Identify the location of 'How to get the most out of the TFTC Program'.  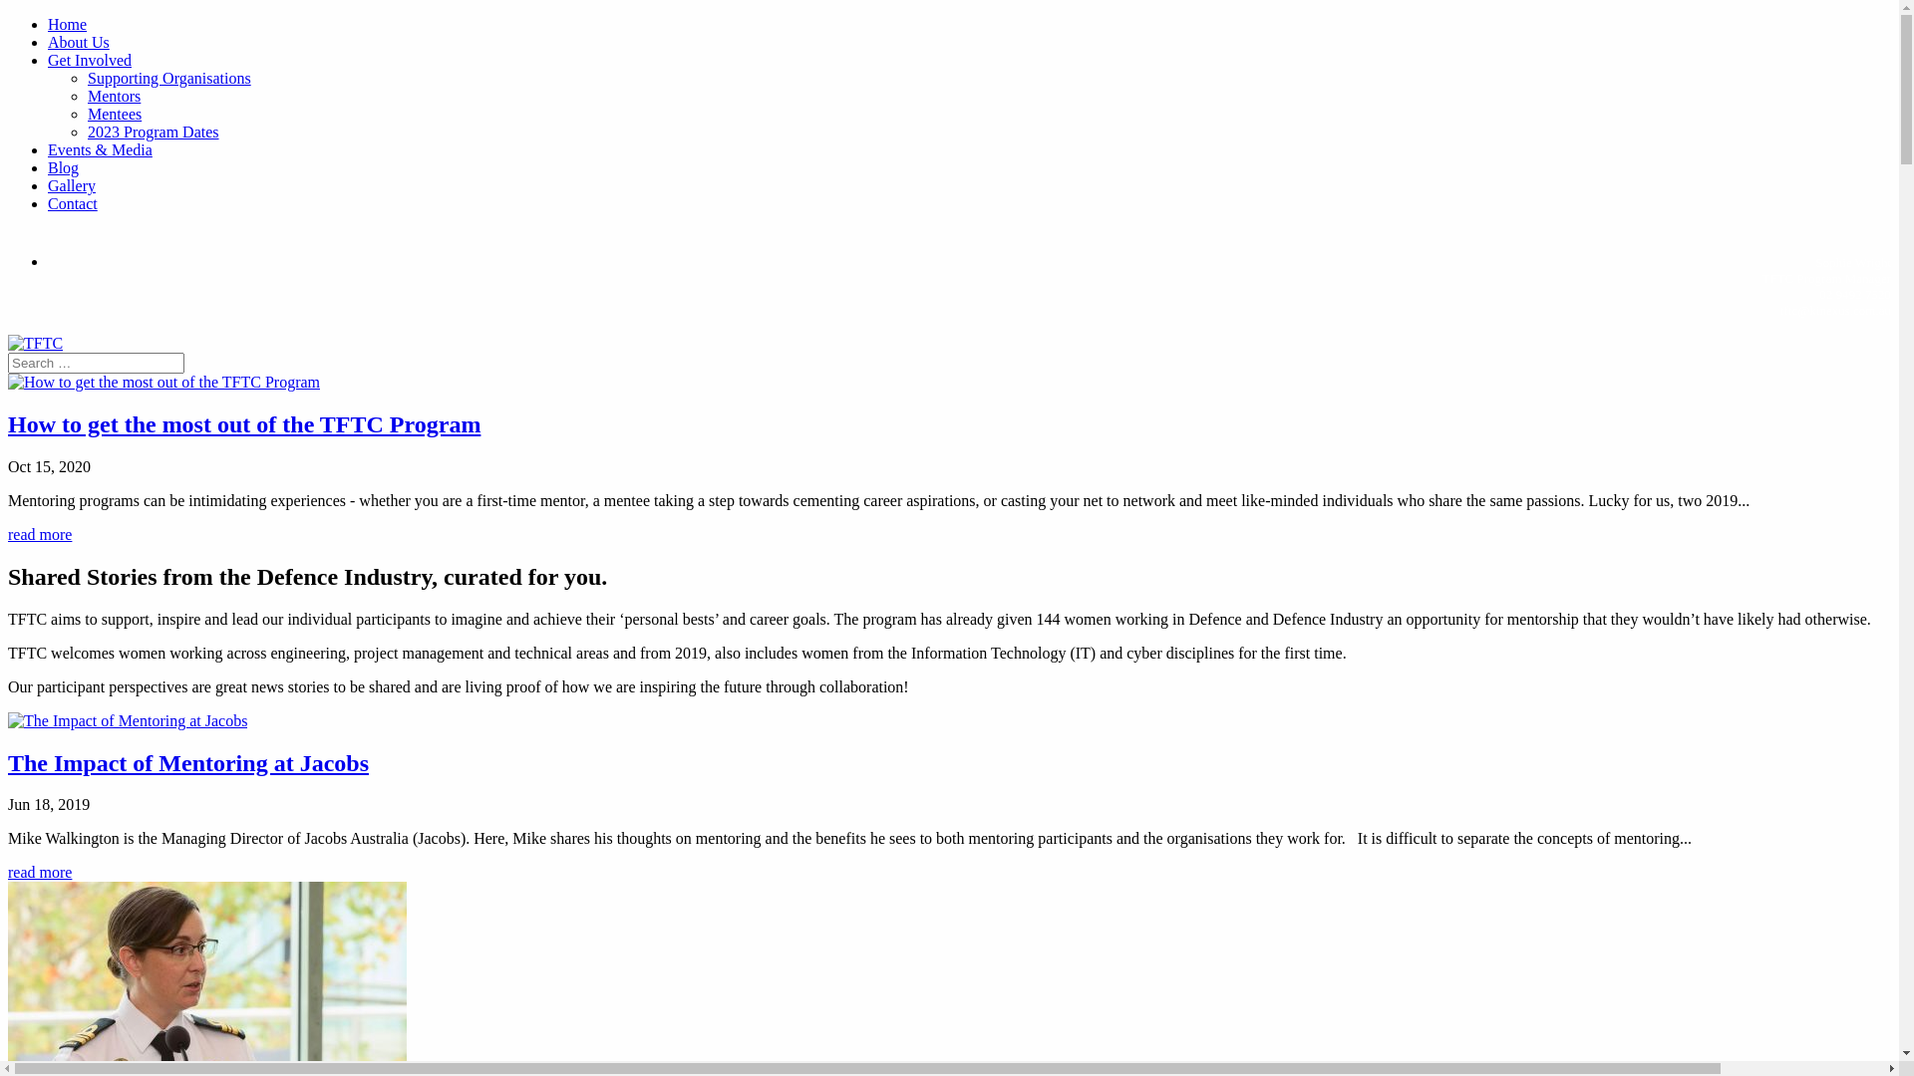
(242, 422).